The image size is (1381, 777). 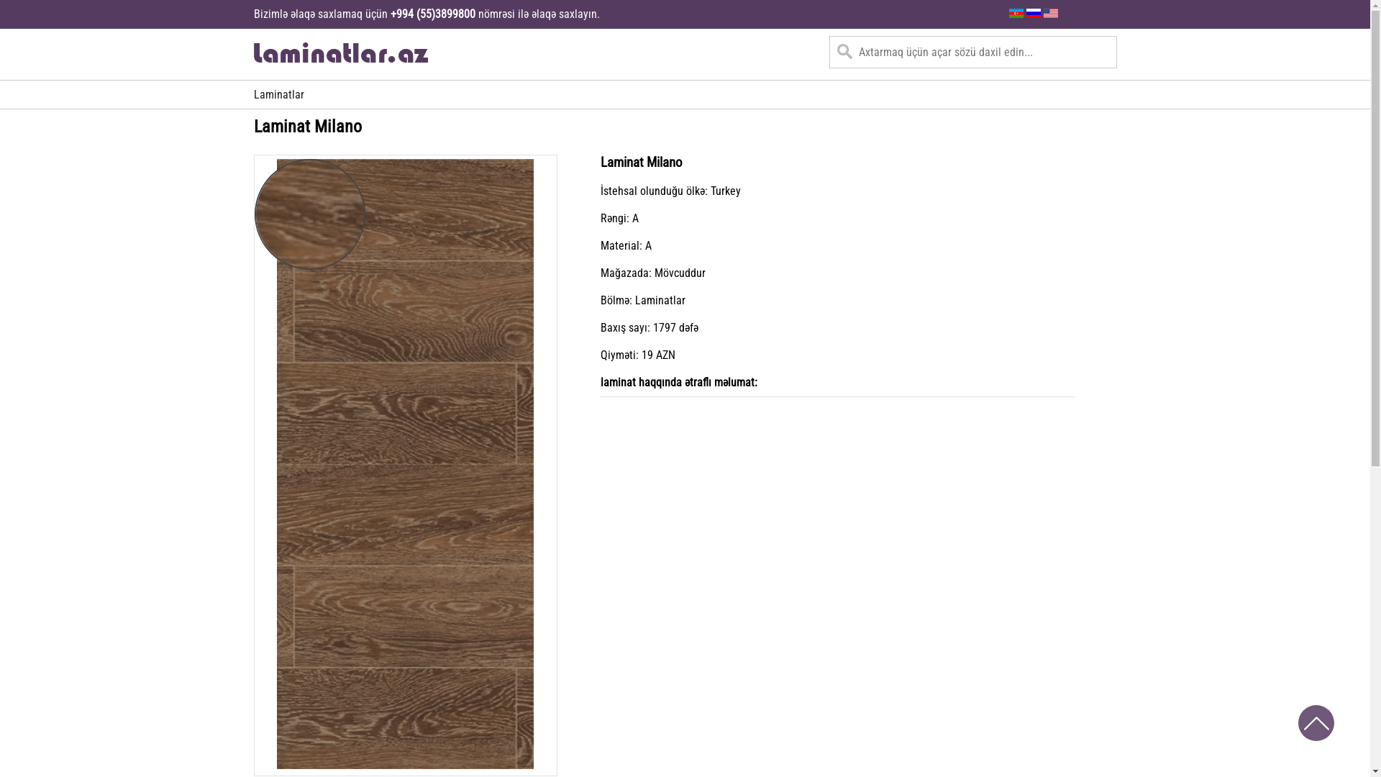 What do you see at coordinates (252, 94) in the screenshot?
I see `'Laminatlar'` at bounding box center [252, 94].